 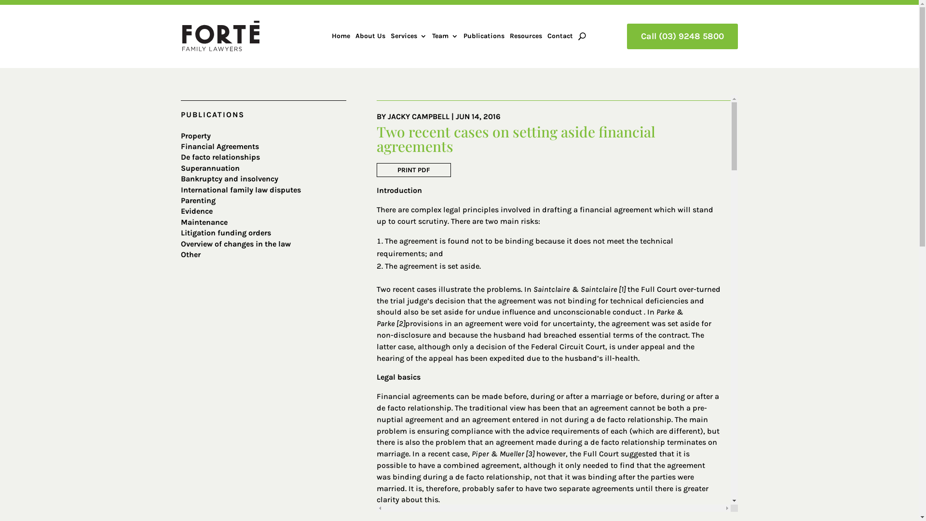 What do you see at coordinates (236, 243) in the screenshot?
I see `'Overview of changes in the law'` at bounding box center [236, 243].